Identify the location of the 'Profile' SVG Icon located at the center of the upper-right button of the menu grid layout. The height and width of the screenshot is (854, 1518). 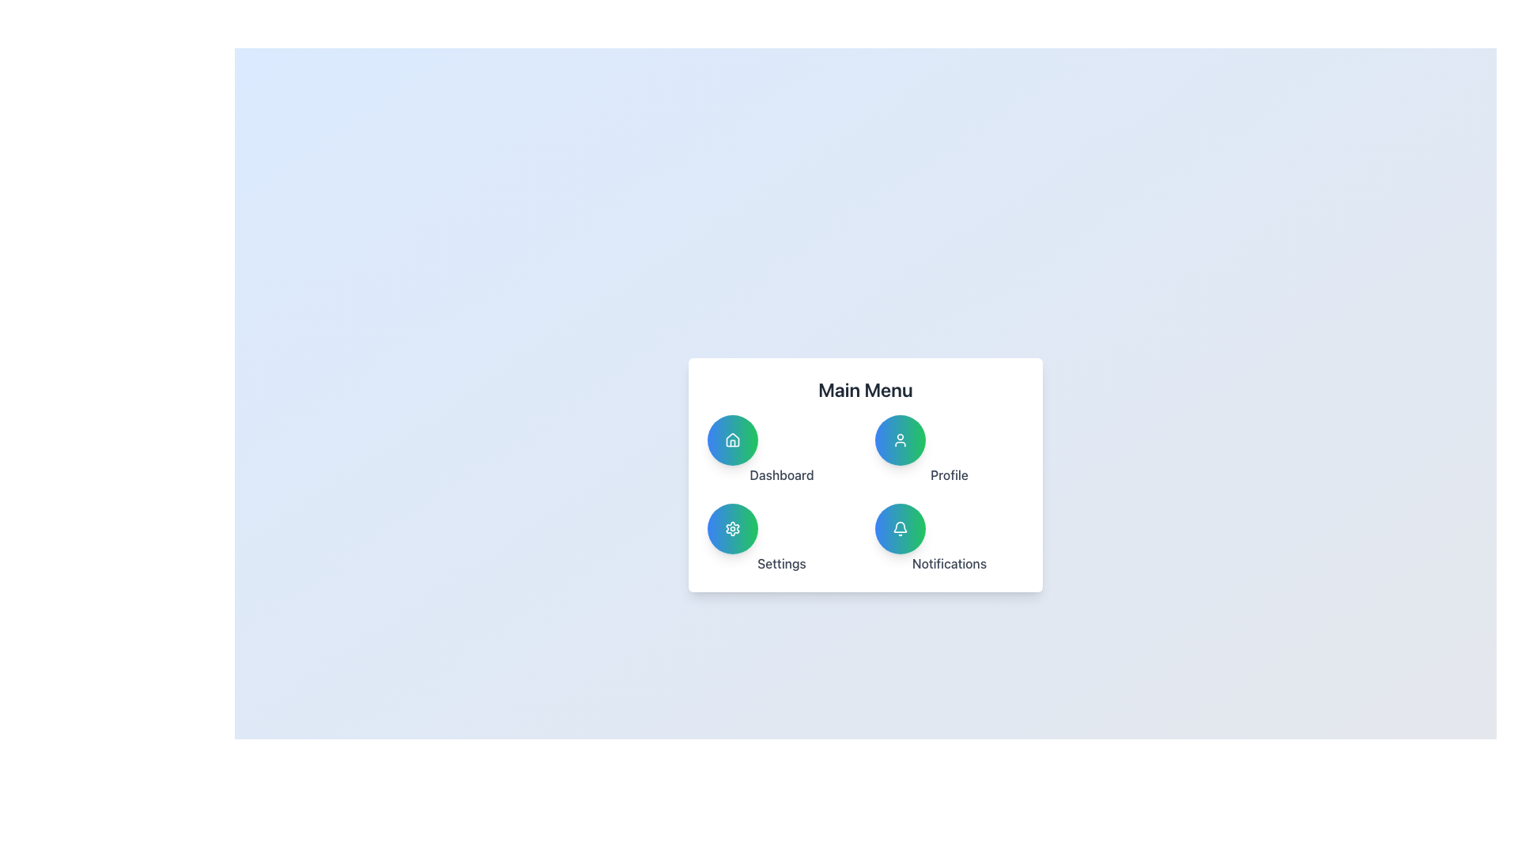
(900, 440).